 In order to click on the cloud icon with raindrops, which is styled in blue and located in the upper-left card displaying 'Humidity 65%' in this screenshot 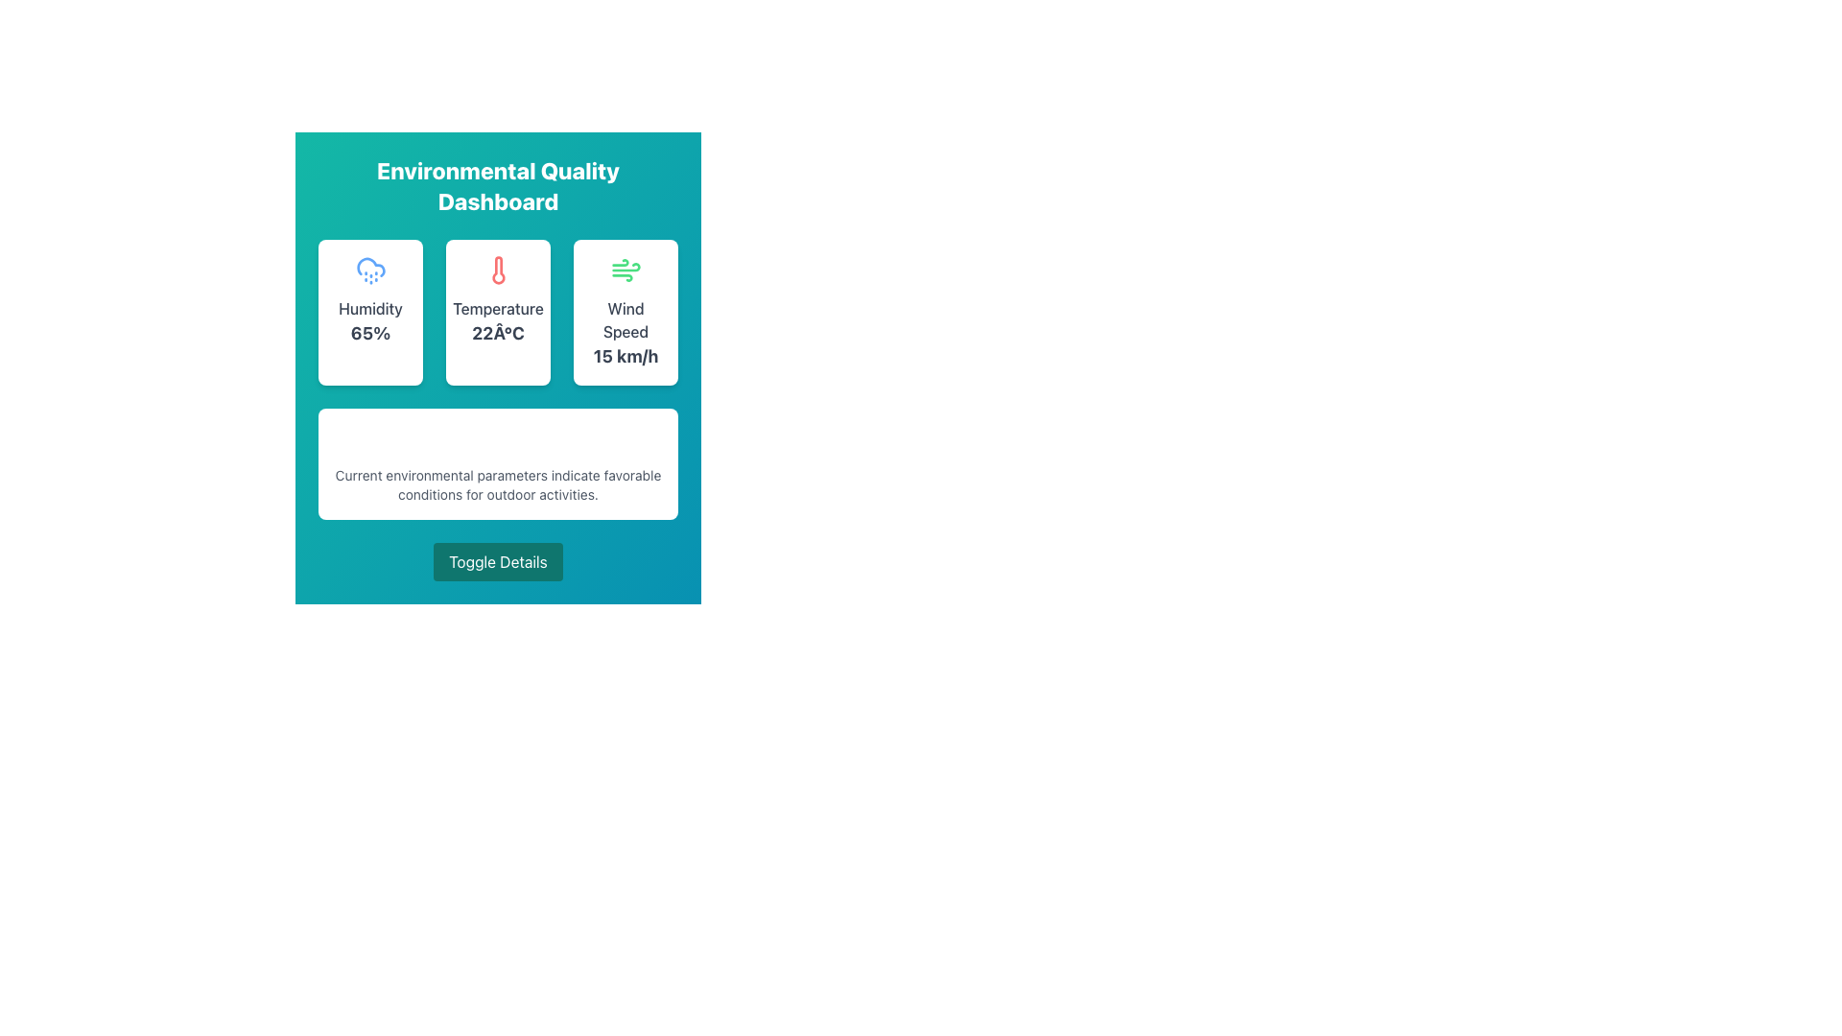, I will do `click(370, 270)`.